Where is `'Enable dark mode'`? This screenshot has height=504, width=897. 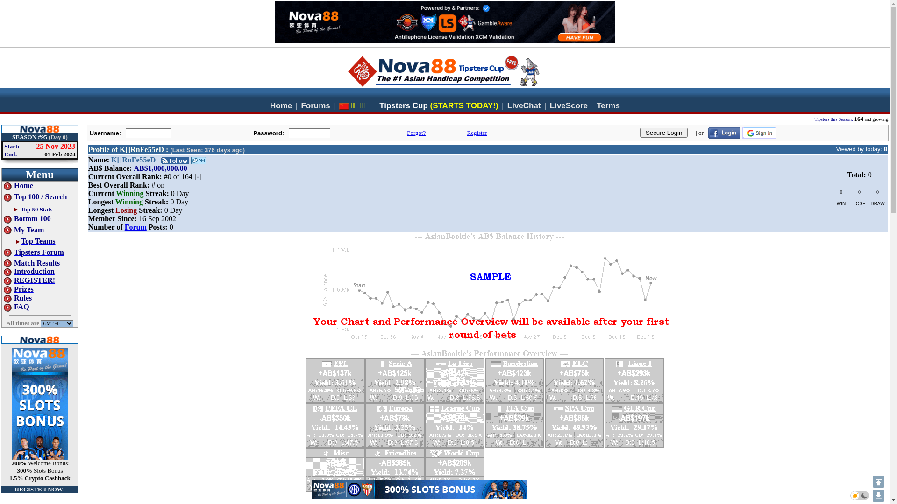
'Enable dark mode' is located at coordinates (859, 495).